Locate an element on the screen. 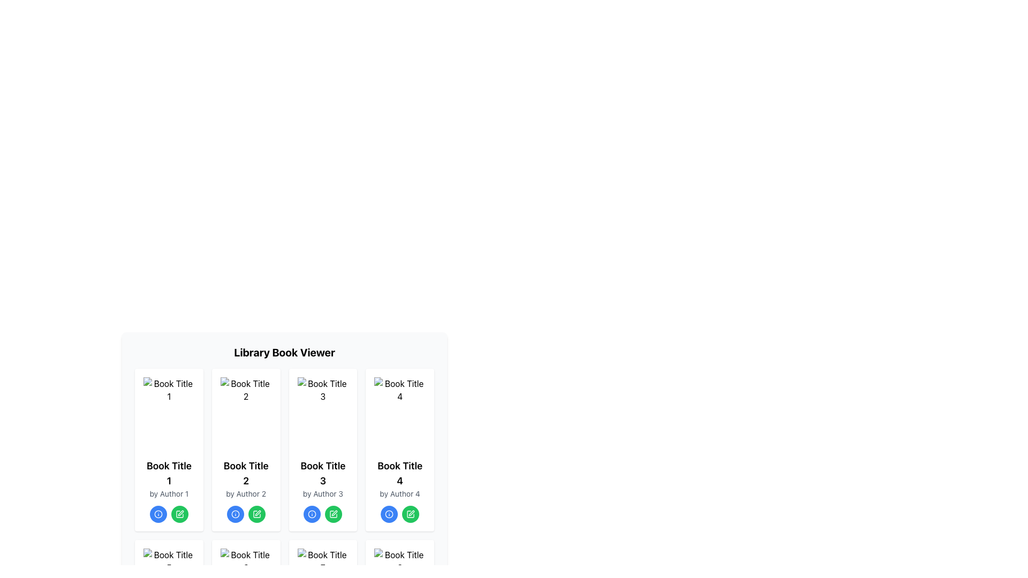 The width and height of the screenshot is (1028, 578). the inner circle graphic of the icon associated with 'Book Title 2' located centrally at the bottom of the book card is located at coordinates (157, 513).